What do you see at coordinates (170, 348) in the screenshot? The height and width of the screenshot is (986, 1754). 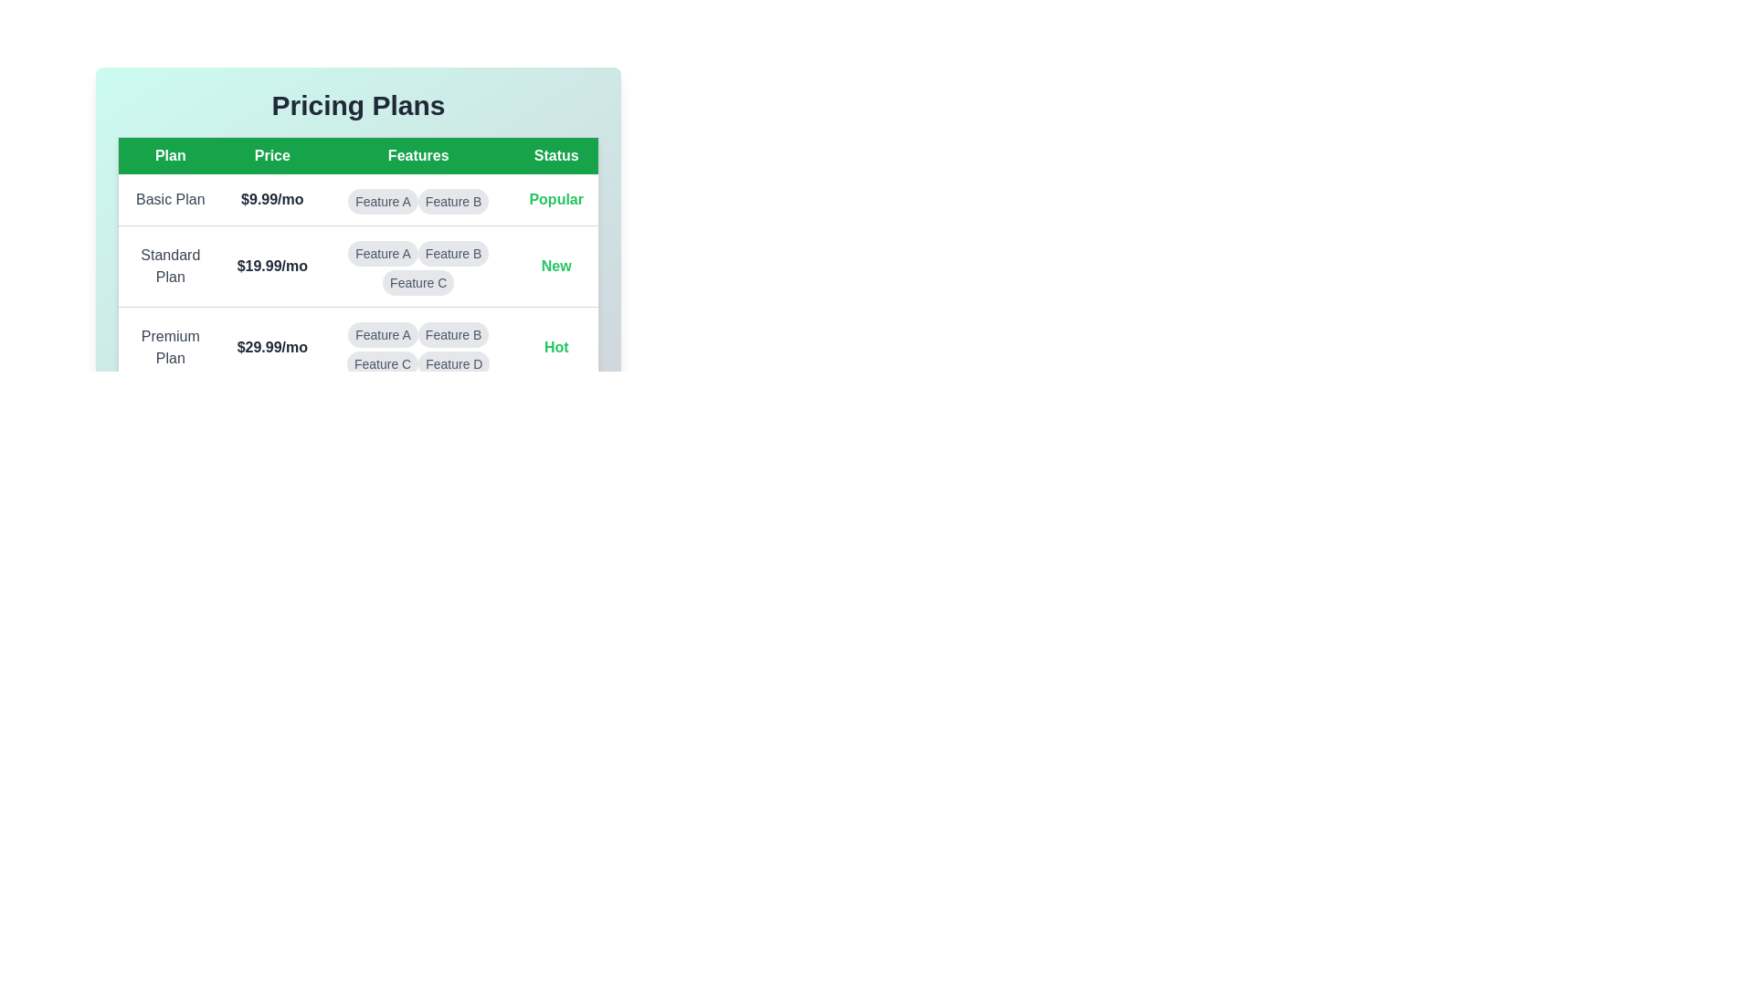 I see `the details of the selected plan: Premium Plan` at bounding box center [170, 348].